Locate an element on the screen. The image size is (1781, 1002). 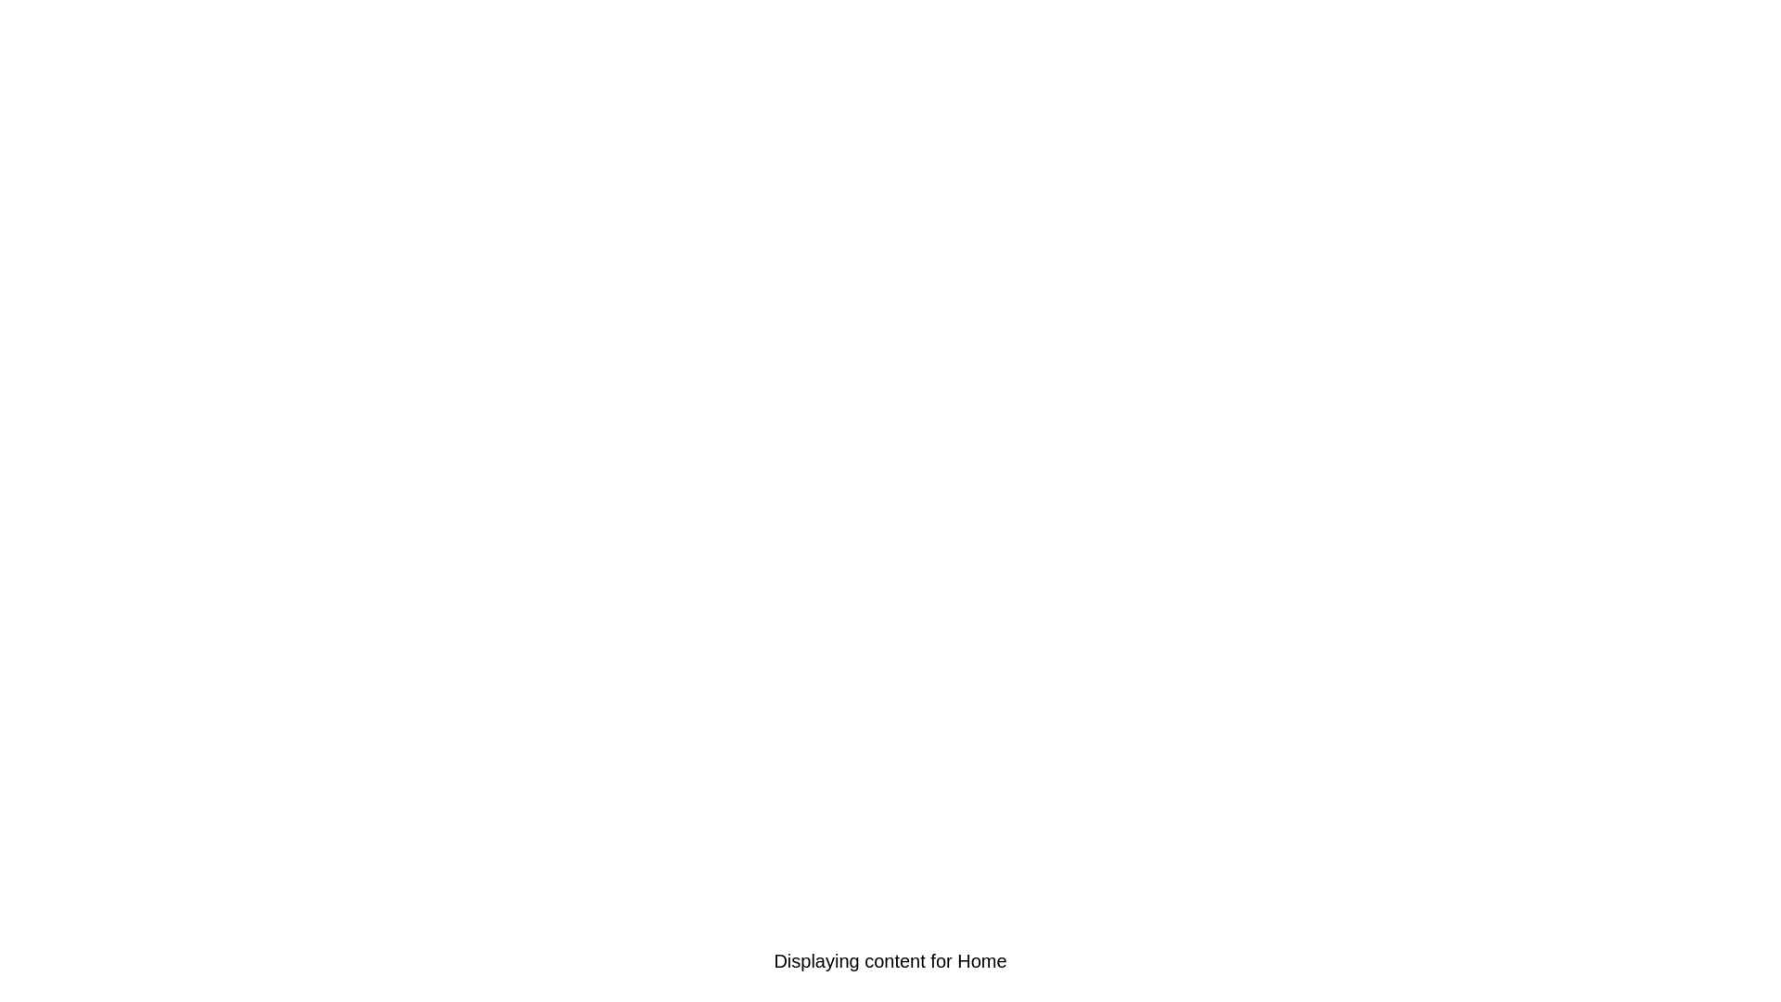
the Search tab to select it is located at coordinates (531, 960).